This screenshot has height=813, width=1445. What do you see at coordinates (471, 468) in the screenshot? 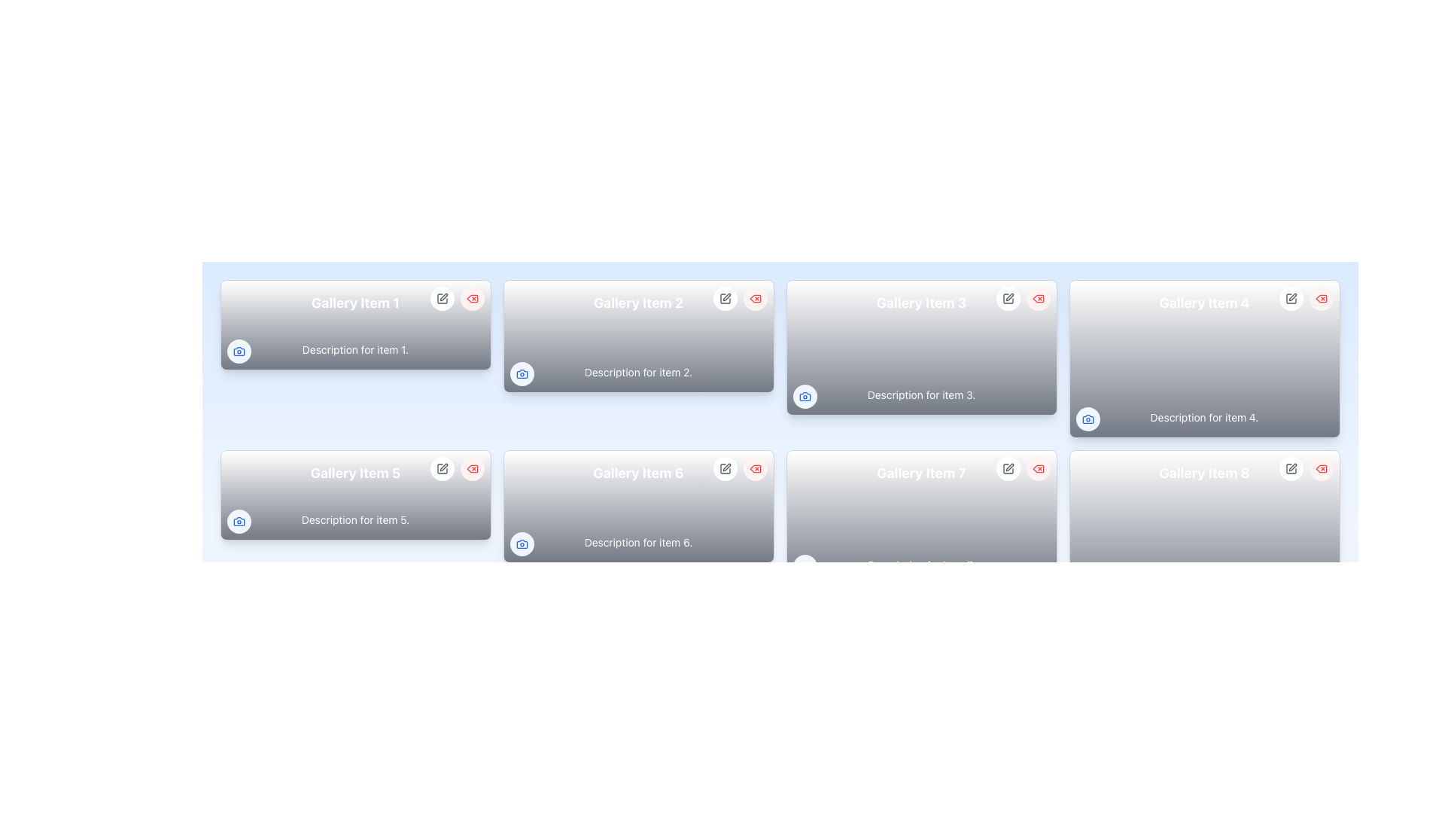
I see `the circular delete button with a light red background located in the top-right corner of the card labeled 'Gallery Item 5' to trigger the tooltip or hover effect` at bounding box center [471, 468].